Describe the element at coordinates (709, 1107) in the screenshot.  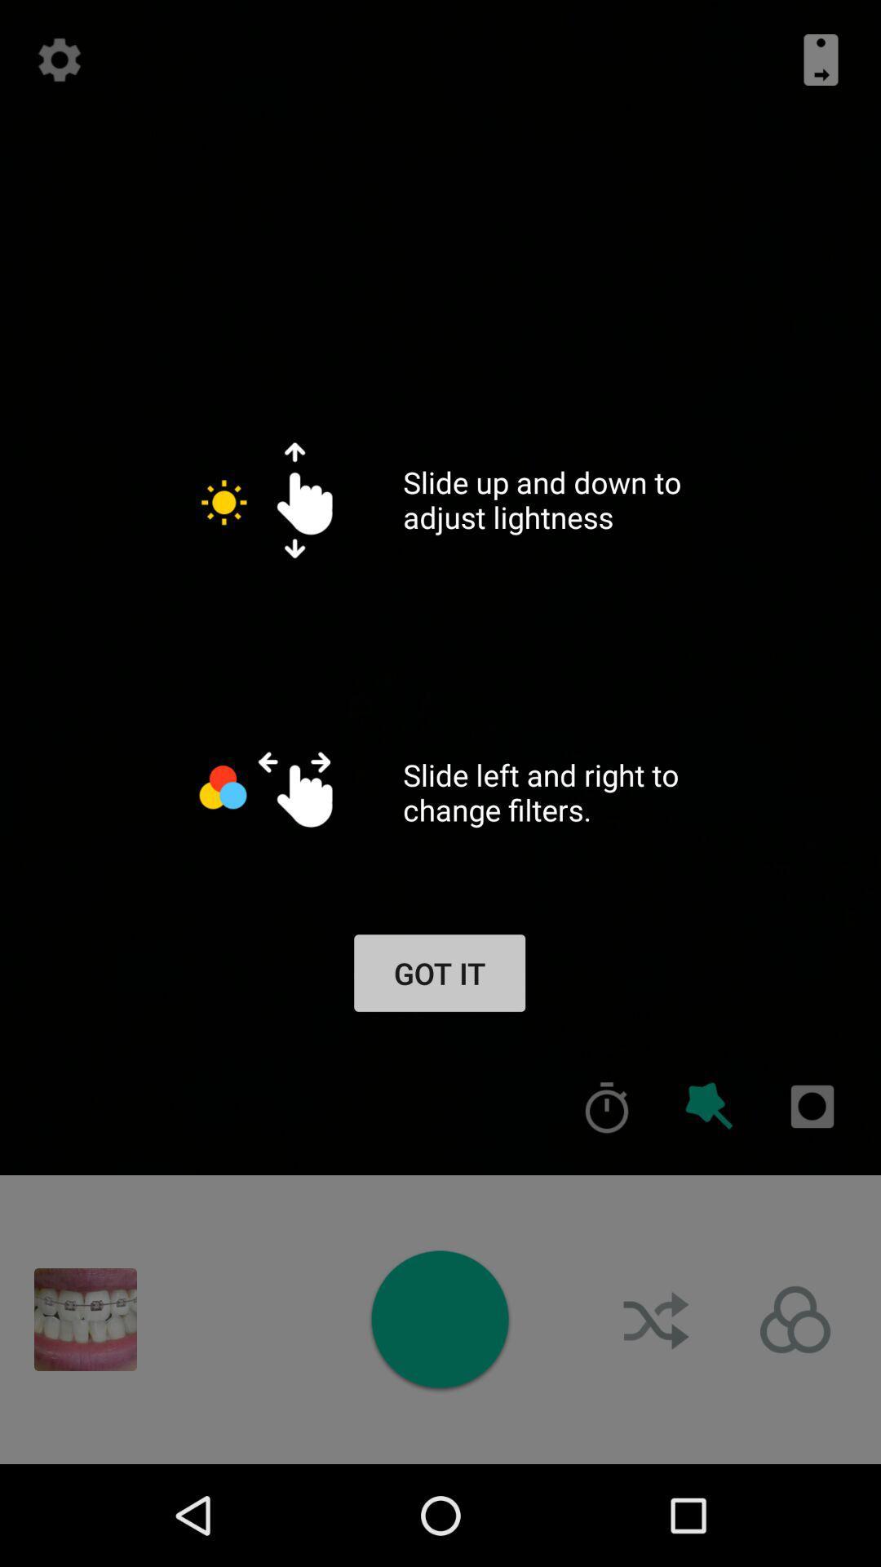
I see `effects` at that location.